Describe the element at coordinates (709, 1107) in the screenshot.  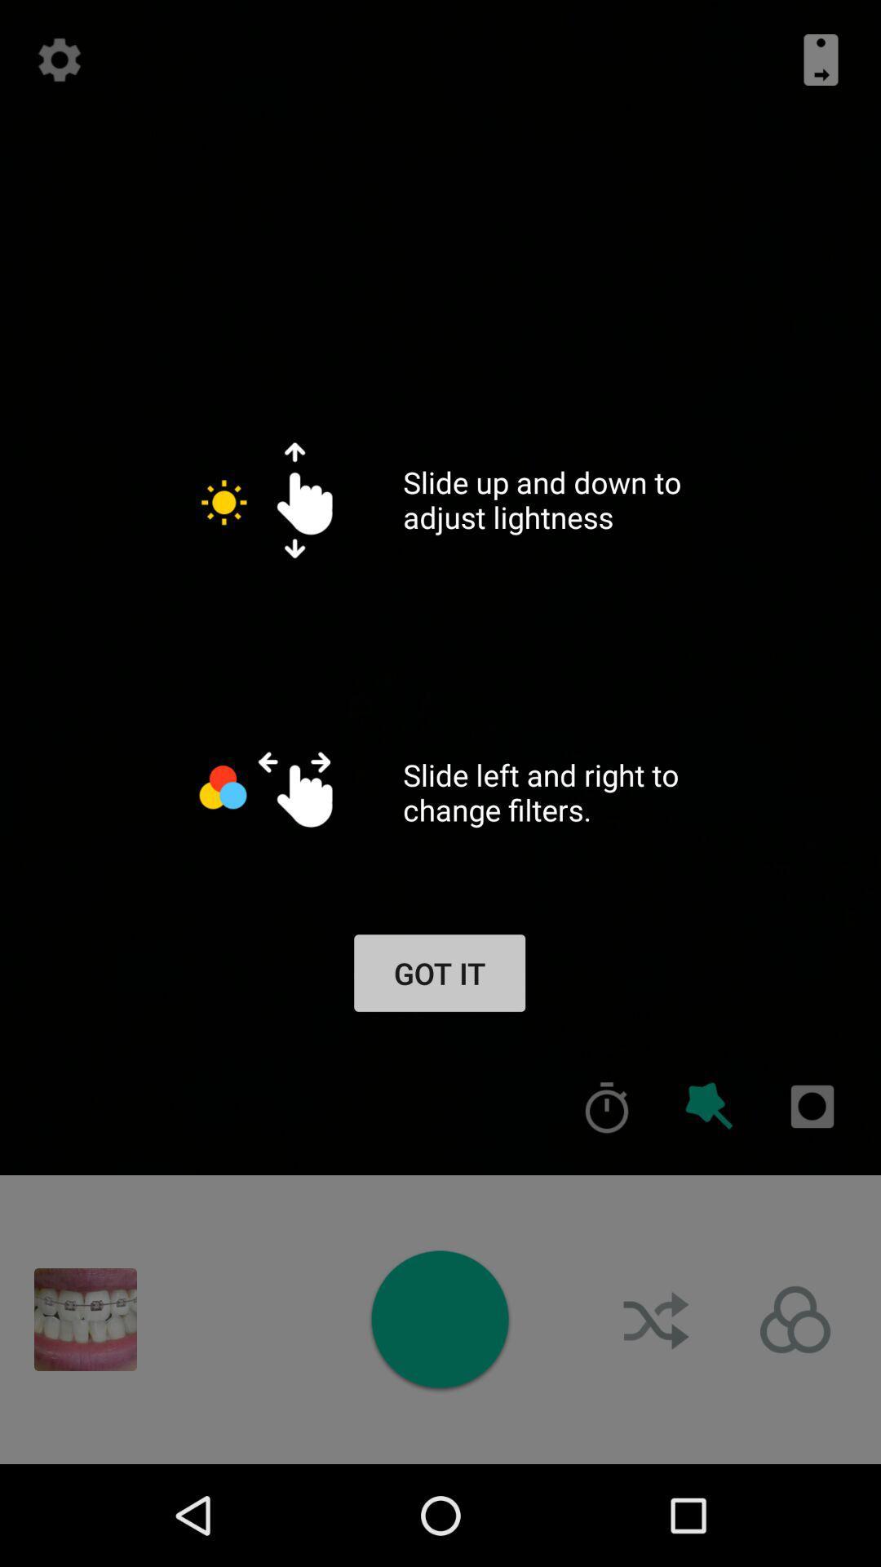
I see `effects` at that location.